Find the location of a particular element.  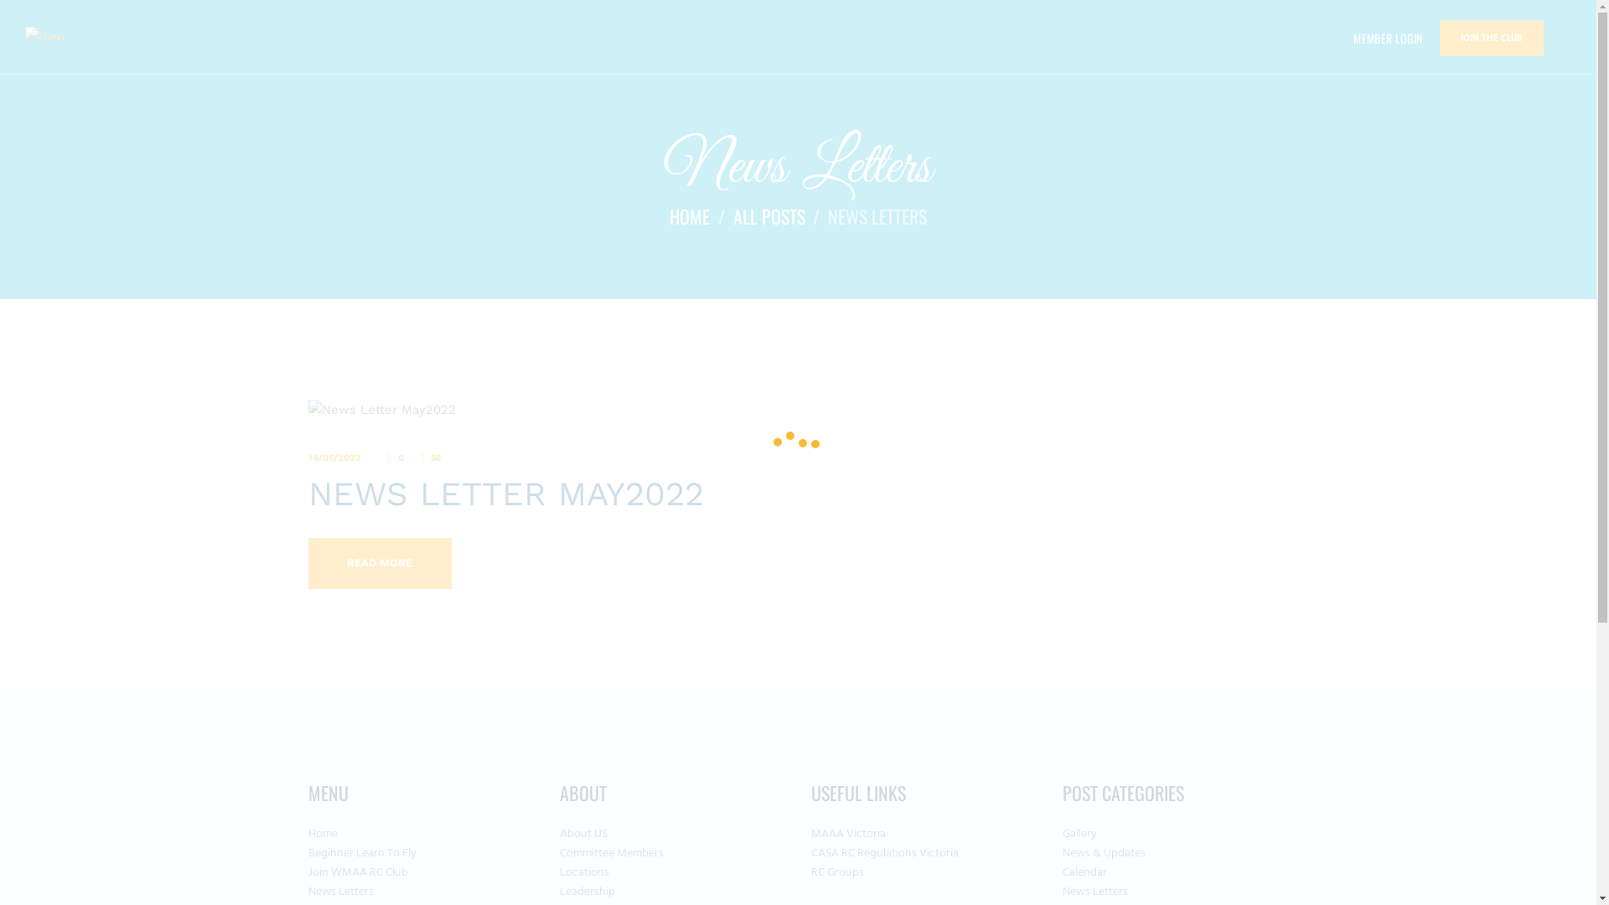

'MEMBER LOGIN' is located at coordinates (1388, 38).